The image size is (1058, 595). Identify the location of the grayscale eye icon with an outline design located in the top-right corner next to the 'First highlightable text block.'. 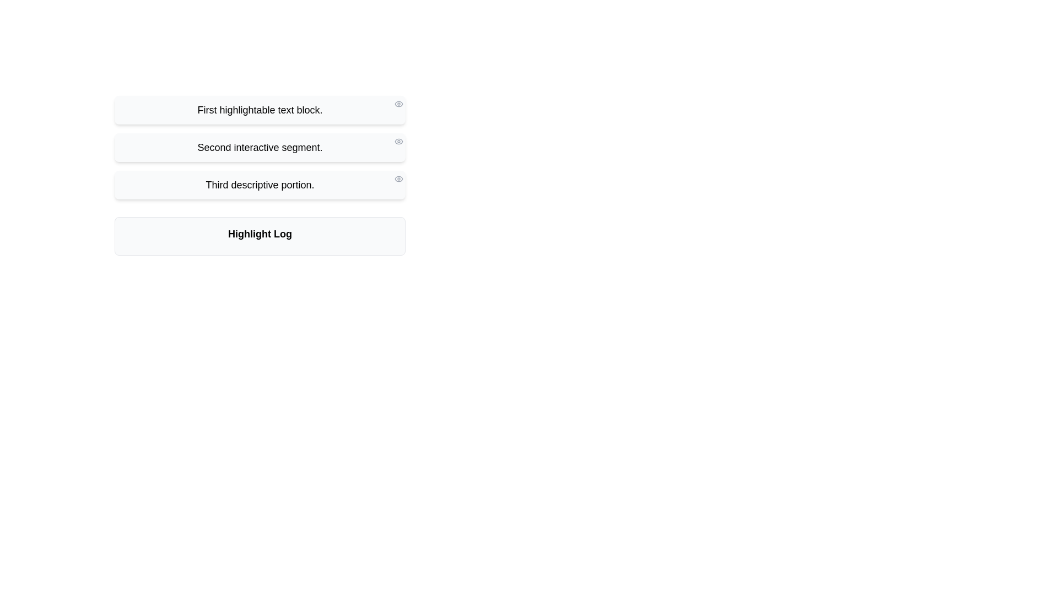
(398, 104).